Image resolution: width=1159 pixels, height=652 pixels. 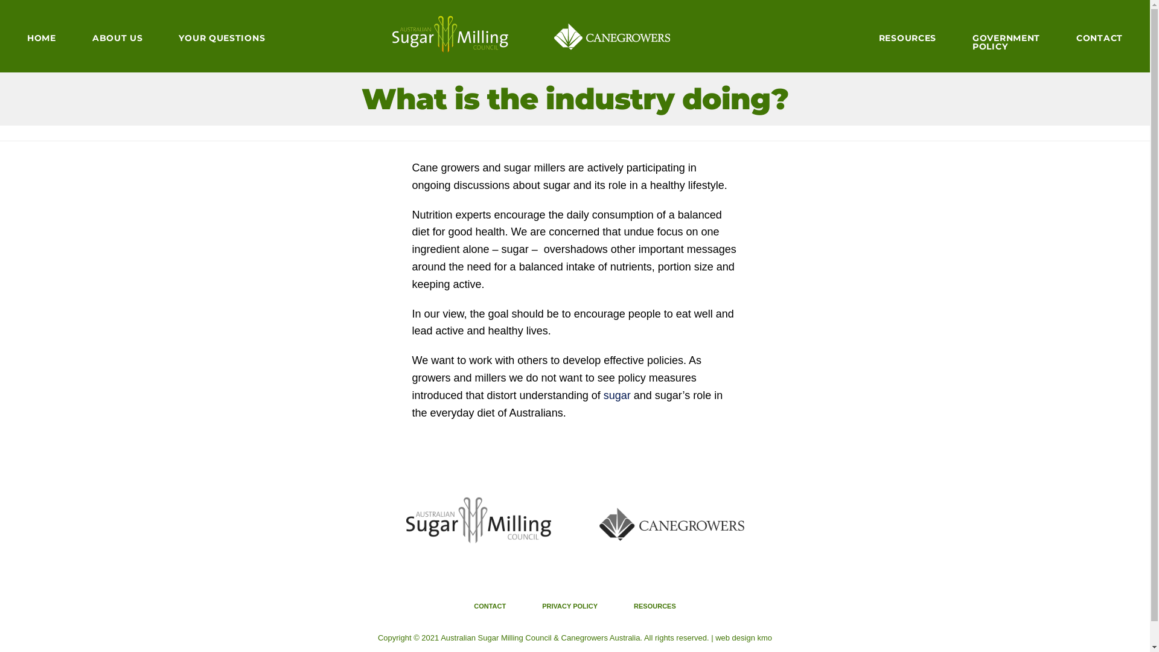 I want to click on 'RESOURCES', so click(x=907, y=36).